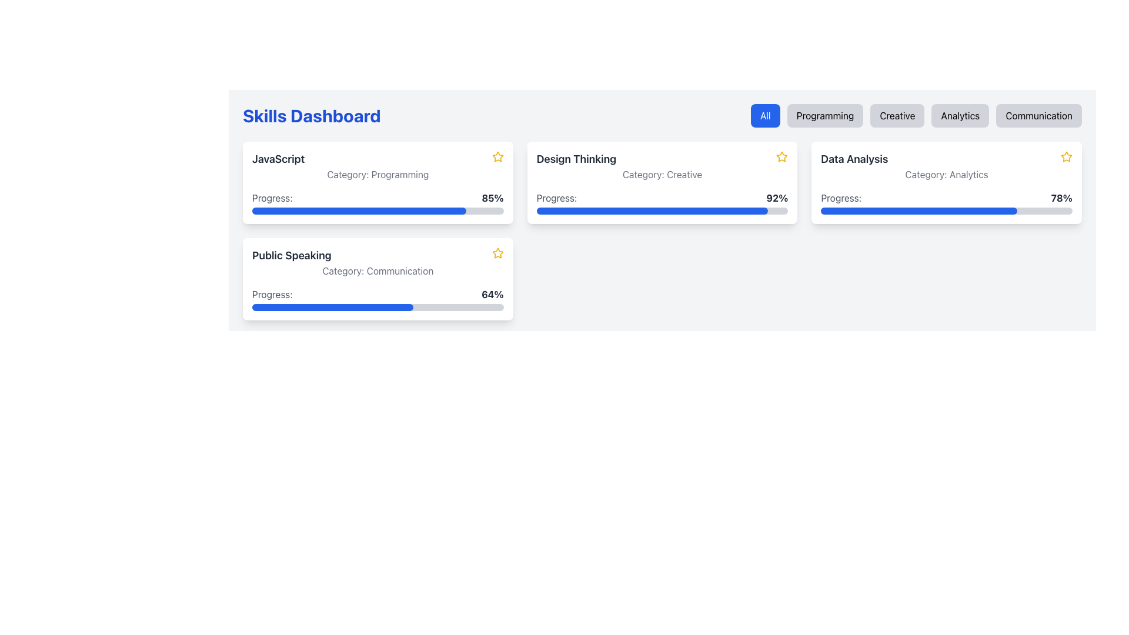  What do you see at coordinates (378, 307) in the screenshot?
I see `the Progress Bar indicating 64% completion within the 'Public Speaking' skill card located in the bottom-left section of the dashboard` at bounding box center [378, 307].